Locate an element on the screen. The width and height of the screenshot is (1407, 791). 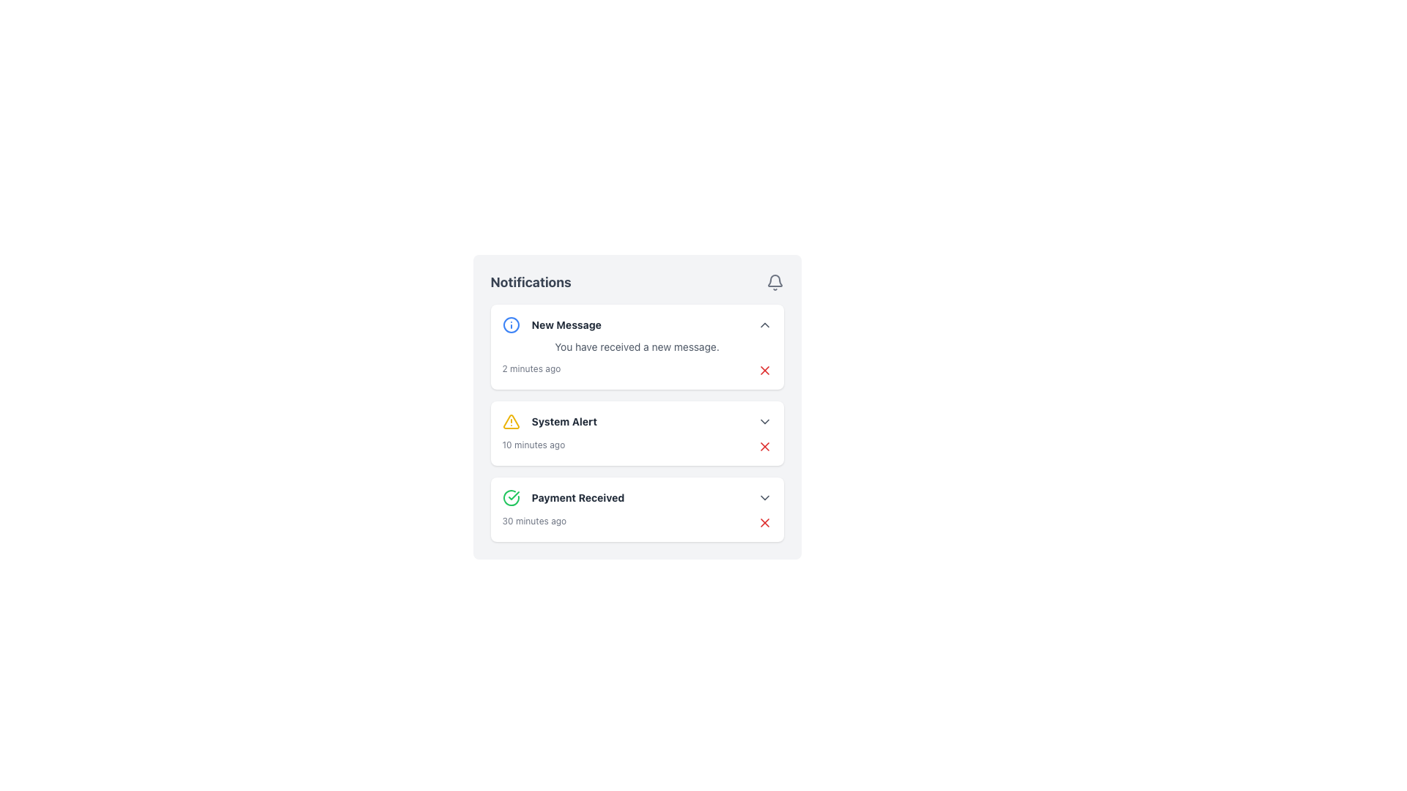
the bell icon in the top-right corner of the interface is located at coordinates (773, 280).